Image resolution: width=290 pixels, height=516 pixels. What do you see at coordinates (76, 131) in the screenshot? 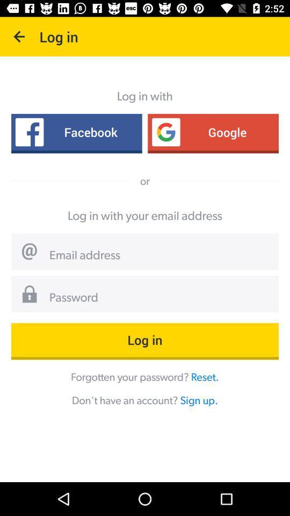
I see `the facebook icon` at bounding box center [76, 131].